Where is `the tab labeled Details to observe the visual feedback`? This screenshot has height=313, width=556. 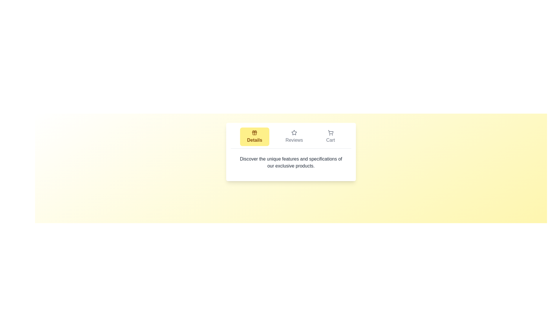 the tab labeled Details to observe the visual feedback is located at coordinates (254, 137).